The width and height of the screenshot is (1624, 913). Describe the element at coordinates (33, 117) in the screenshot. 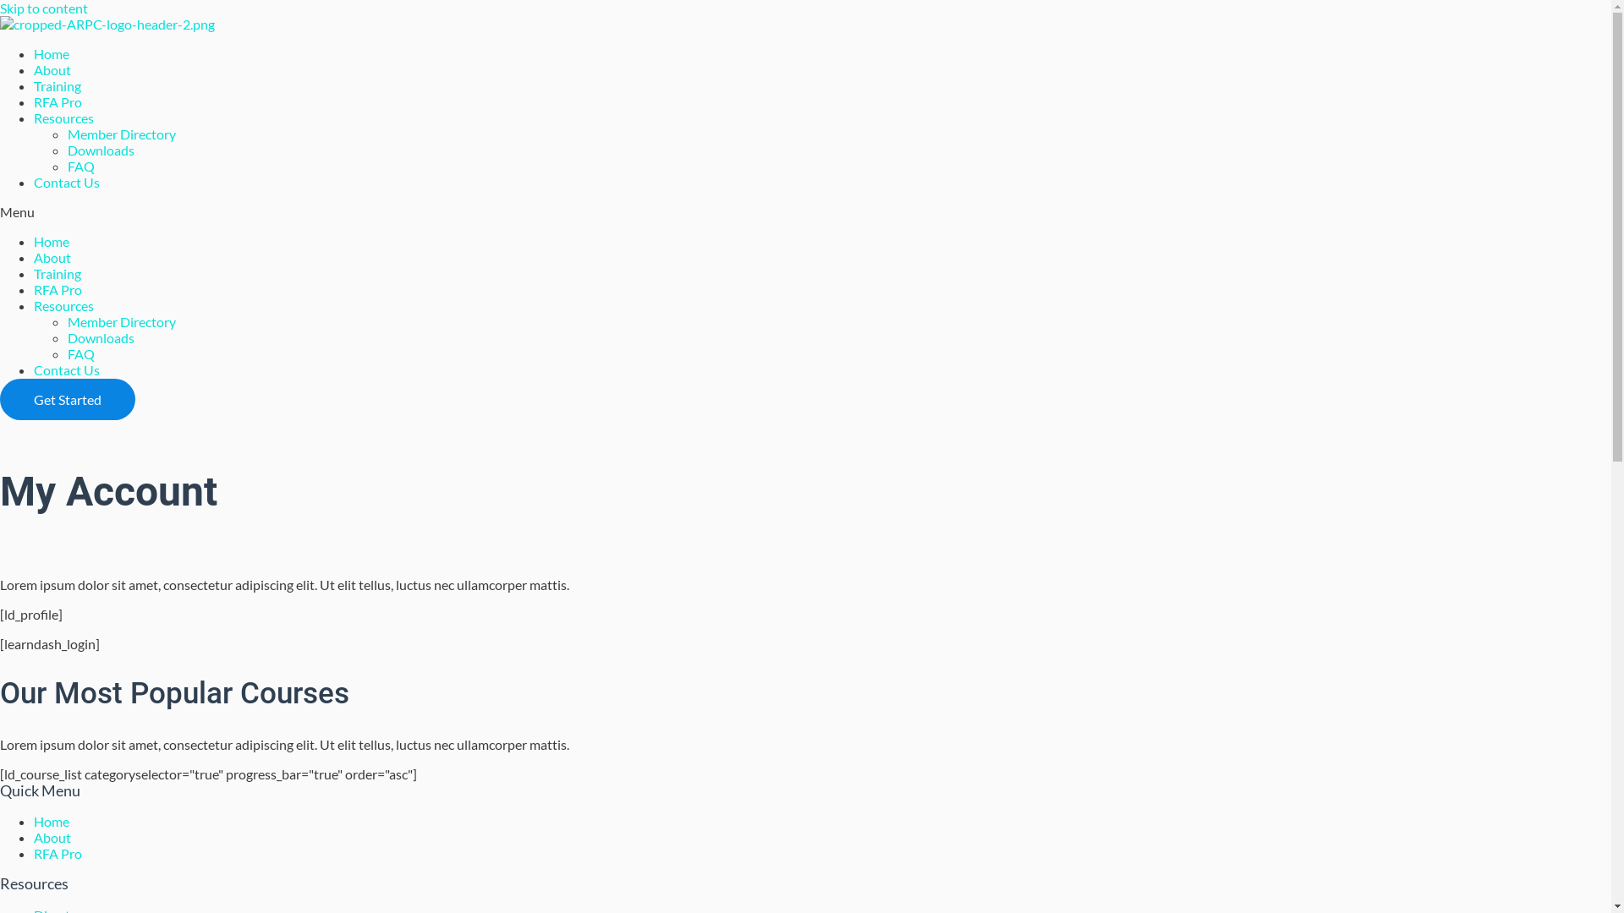

I see `'Resources'` at that location.